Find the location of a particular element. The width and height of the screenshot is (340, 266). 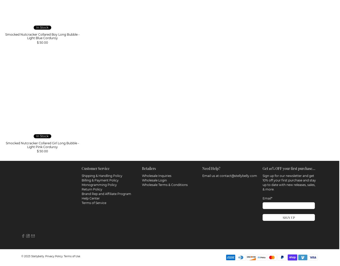

'Monogramming Policy' is located at coordinates (99, 184).